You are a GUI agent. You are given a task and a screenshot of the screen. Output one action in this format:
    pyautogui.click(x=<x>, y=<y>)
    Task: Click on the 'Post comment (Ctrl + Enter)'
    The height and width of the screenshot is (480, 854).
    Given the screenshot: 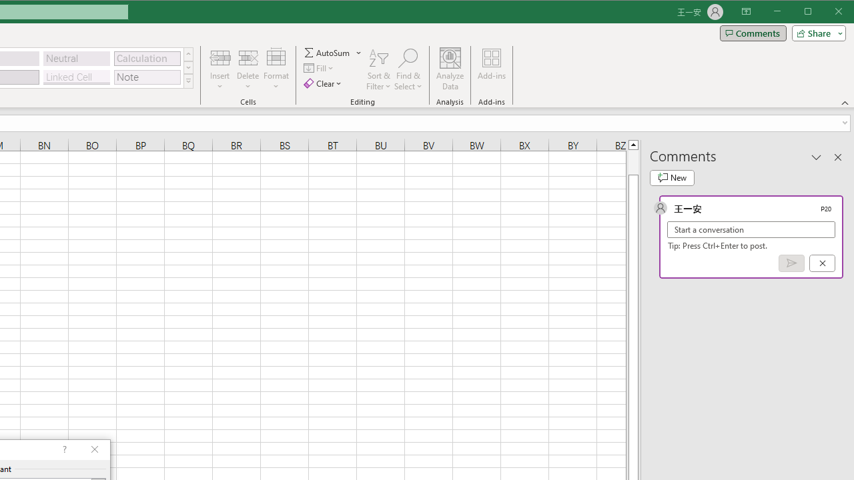 What is the action you would take?
    pyautogui.click(x=791, y=263)
    